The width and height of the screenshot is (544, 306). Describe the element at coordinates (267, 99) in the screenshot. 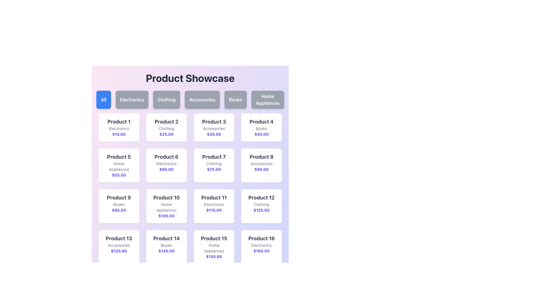

I see `the 'Home Appliances' button, which is the last button in a horizontally aligned group located under 'Product Showcase'` at that location.